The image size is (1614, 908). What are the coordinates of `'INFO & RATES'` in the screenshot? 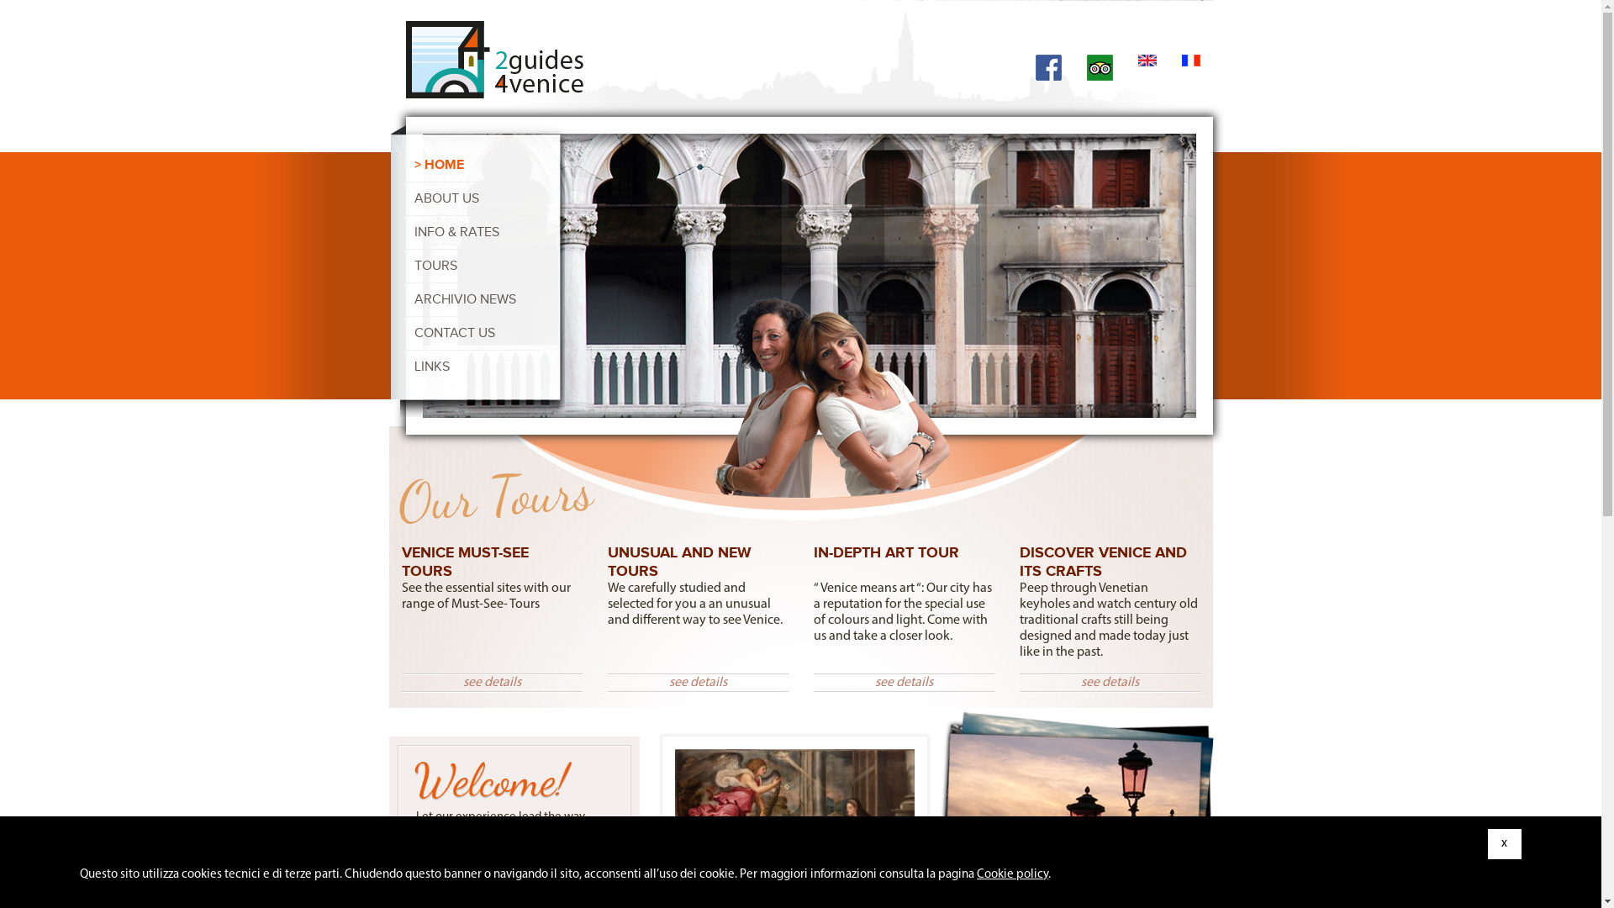 It's located at (413, 232).